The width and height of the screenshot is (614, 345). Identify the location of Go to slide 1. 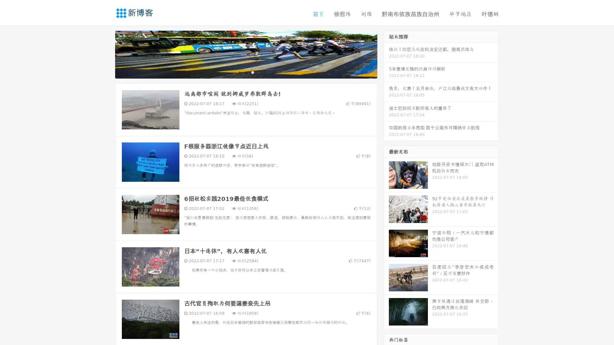
(239, 72).